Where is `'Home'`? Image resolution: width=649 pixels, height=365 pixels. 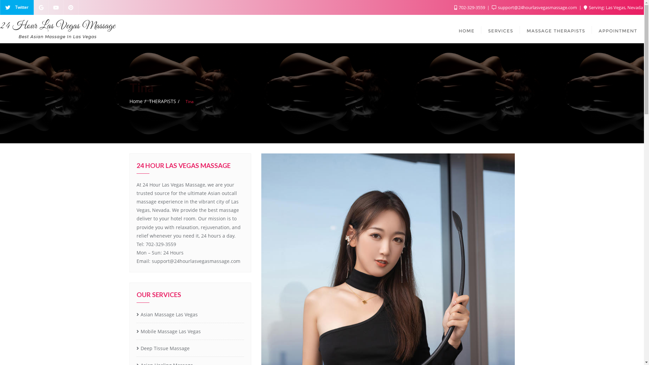
'Home' is located at coordinates (135, 101).